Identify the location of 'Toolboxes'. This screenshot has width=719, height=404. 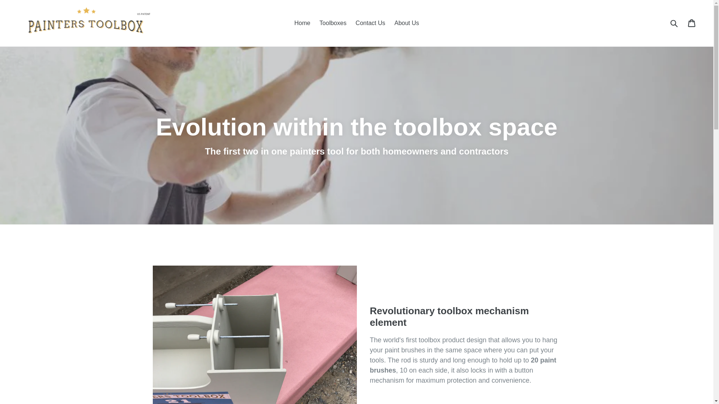
(332, 22).